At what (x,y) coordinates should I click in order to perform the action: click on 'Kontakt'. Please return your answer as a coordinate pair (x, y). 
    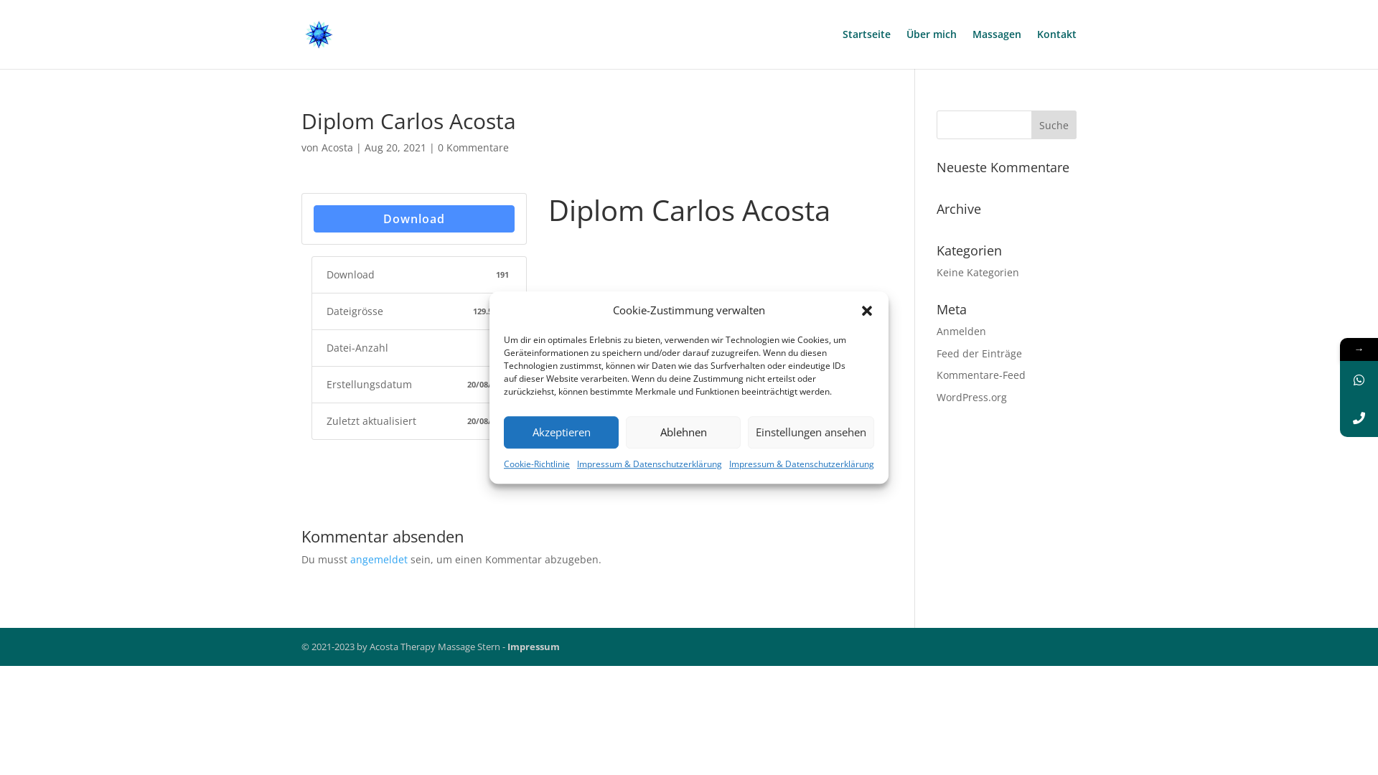
    Looking at the image, I should click on (1036, 48).